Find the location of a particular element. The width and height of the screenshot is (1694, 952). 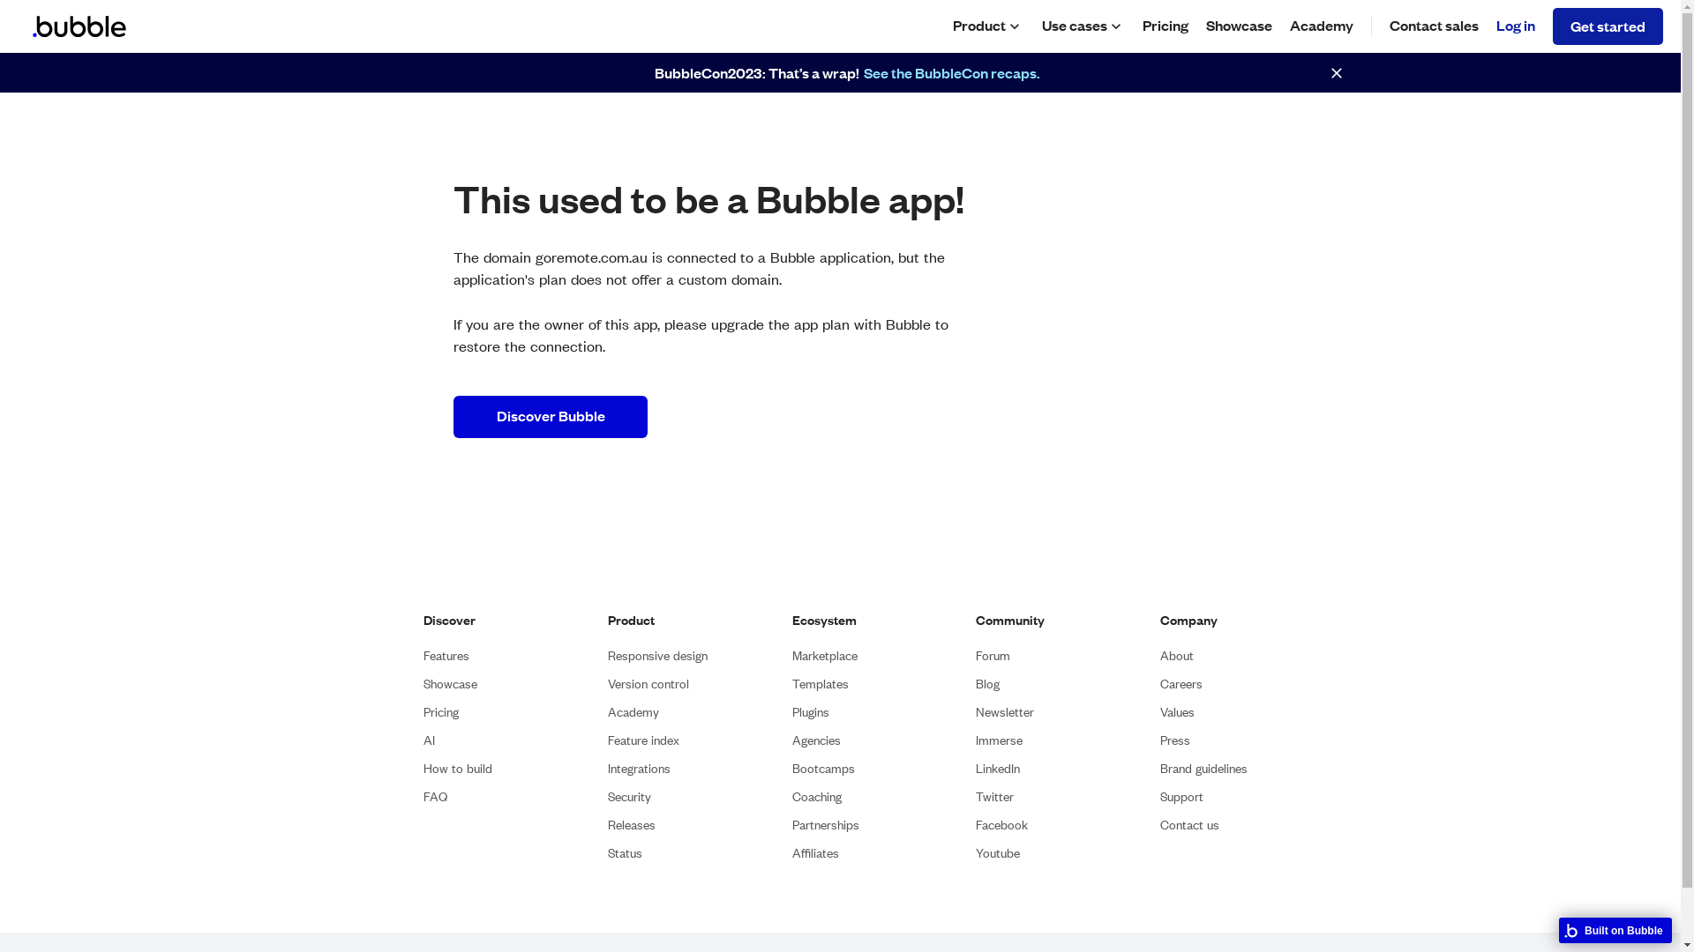

'Contact sales' is located at coordinates (1434, 26).